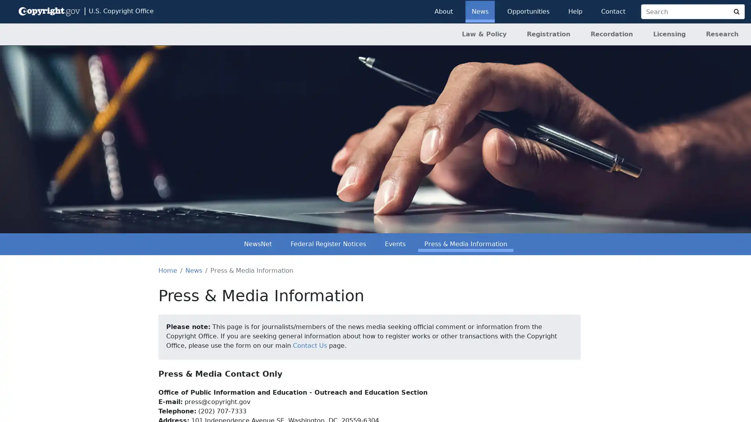 The width and height of the screenshot is (751, 422). Describe the element at coordinates (736, 12) in the screenshot. I see `Search Copyright.gov` at that location.